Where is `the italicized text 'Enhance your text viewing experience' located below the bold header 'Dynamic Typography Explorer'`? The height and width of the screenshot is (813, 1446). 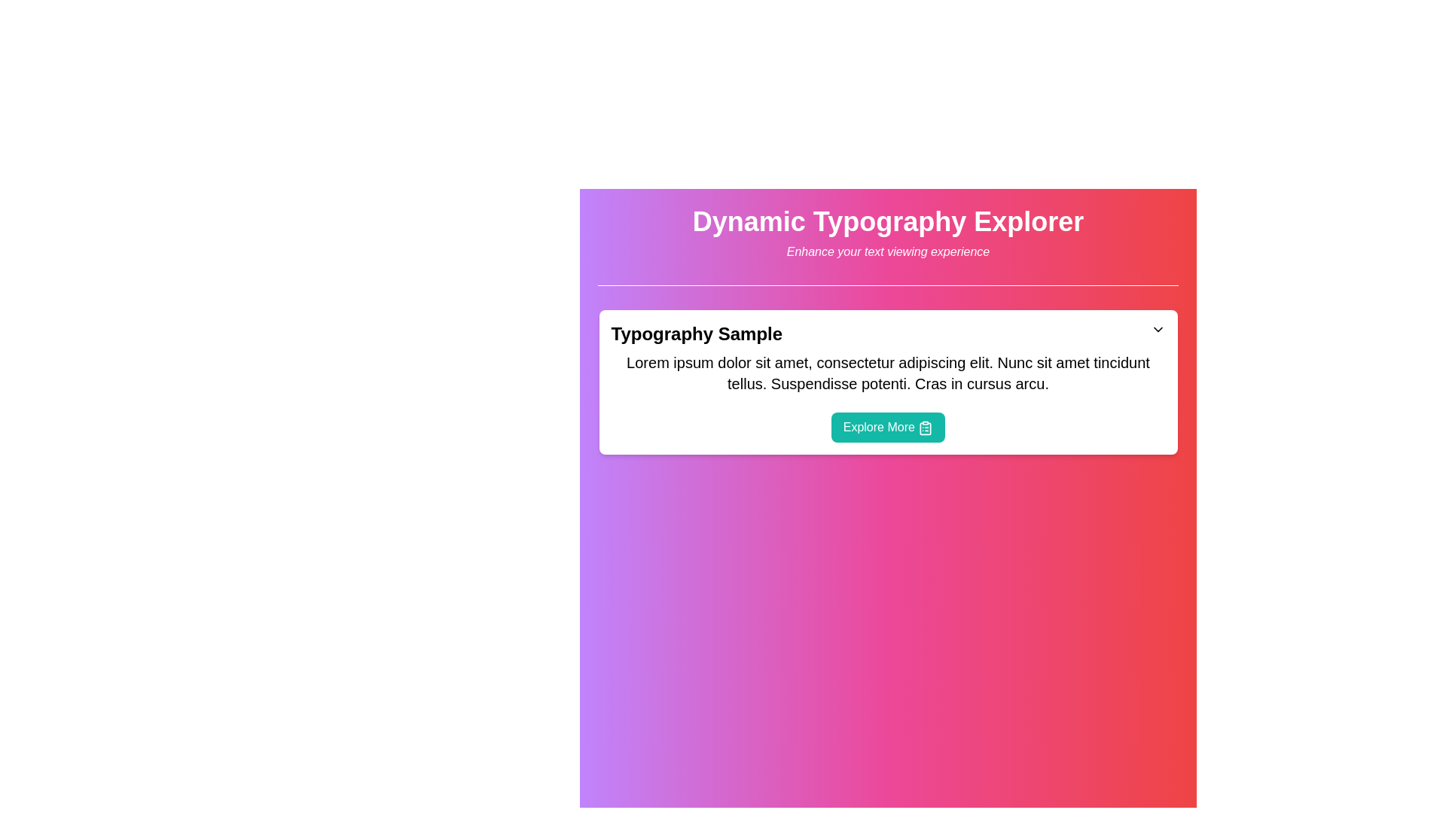 the italicized text 'Enhance your text viewing experience' located below the bold header 'Dynamic Typography Explorer' is located at coordinates (888, 251).